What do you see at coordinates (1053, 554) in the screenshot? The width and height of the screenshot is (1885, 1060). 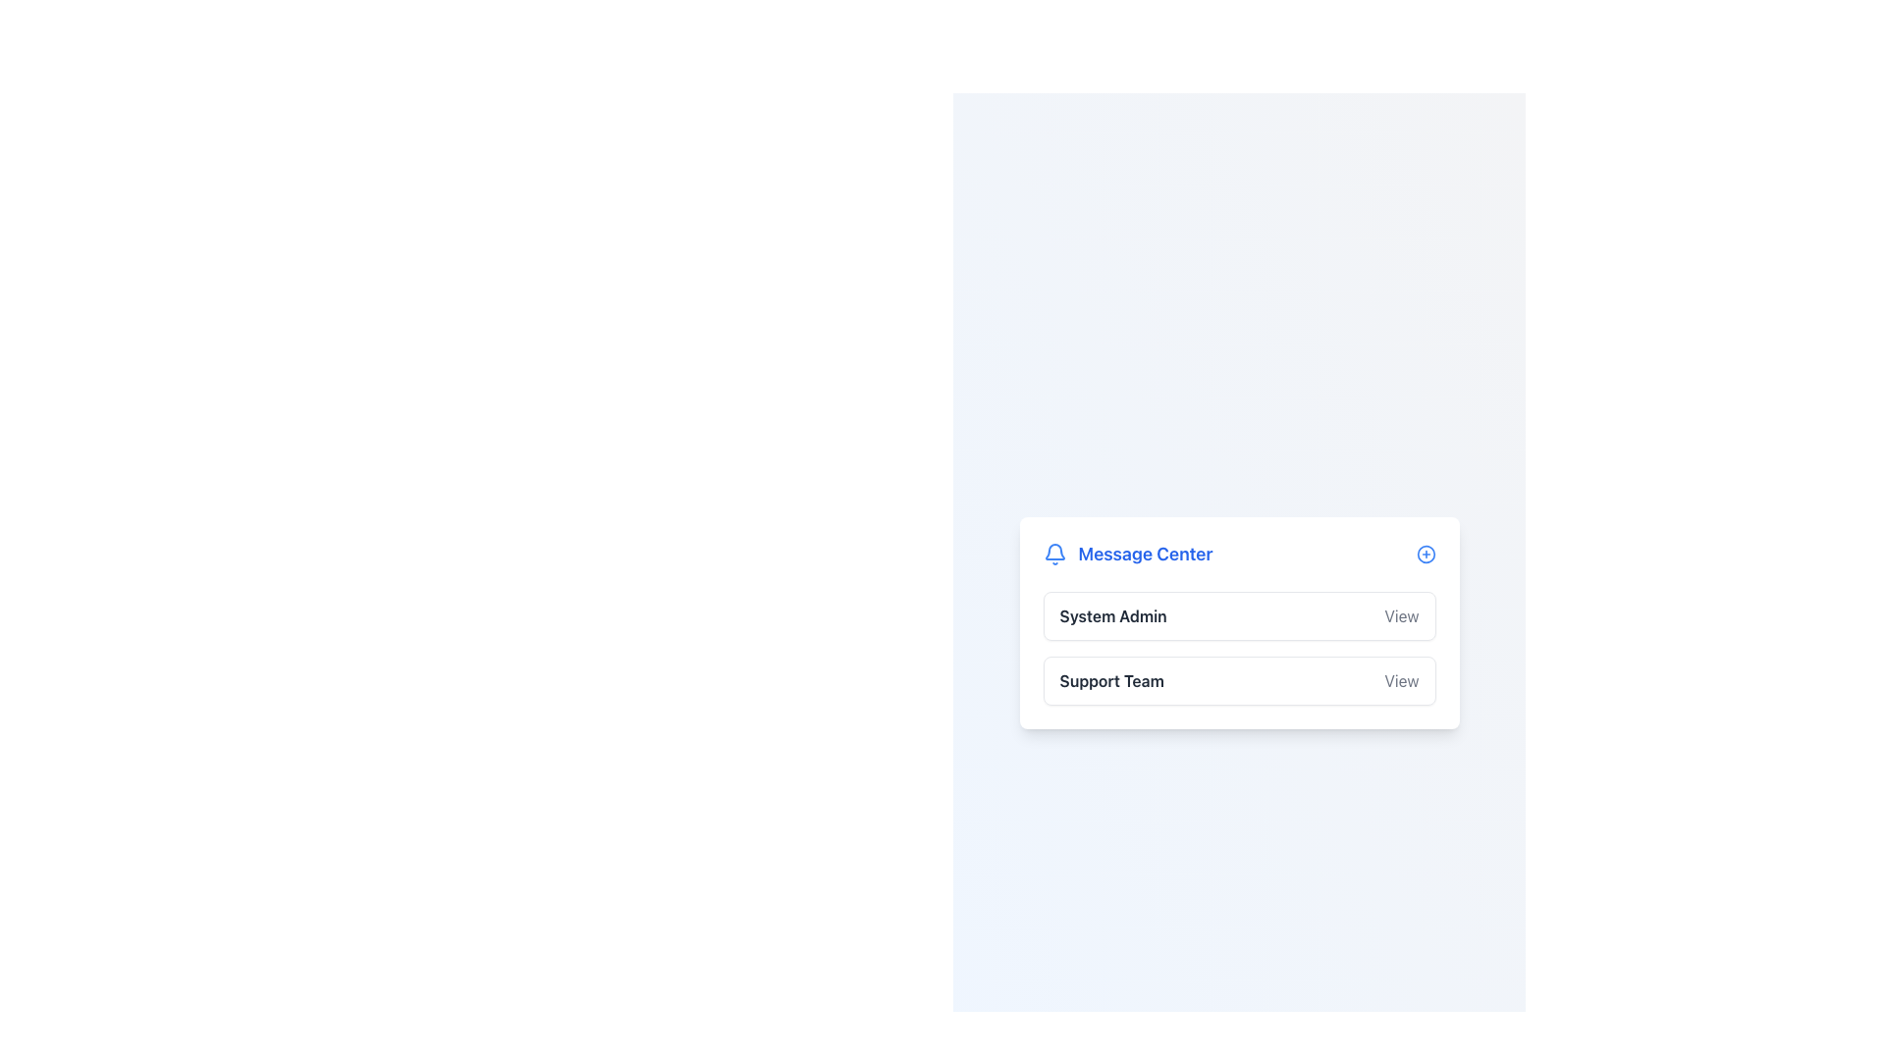 I see `the bell-shaped icon with a blue stroke located in the top left corner of the 'Message Center' section, next to the label 'Message Center'` at bounding box center [1053, 554].